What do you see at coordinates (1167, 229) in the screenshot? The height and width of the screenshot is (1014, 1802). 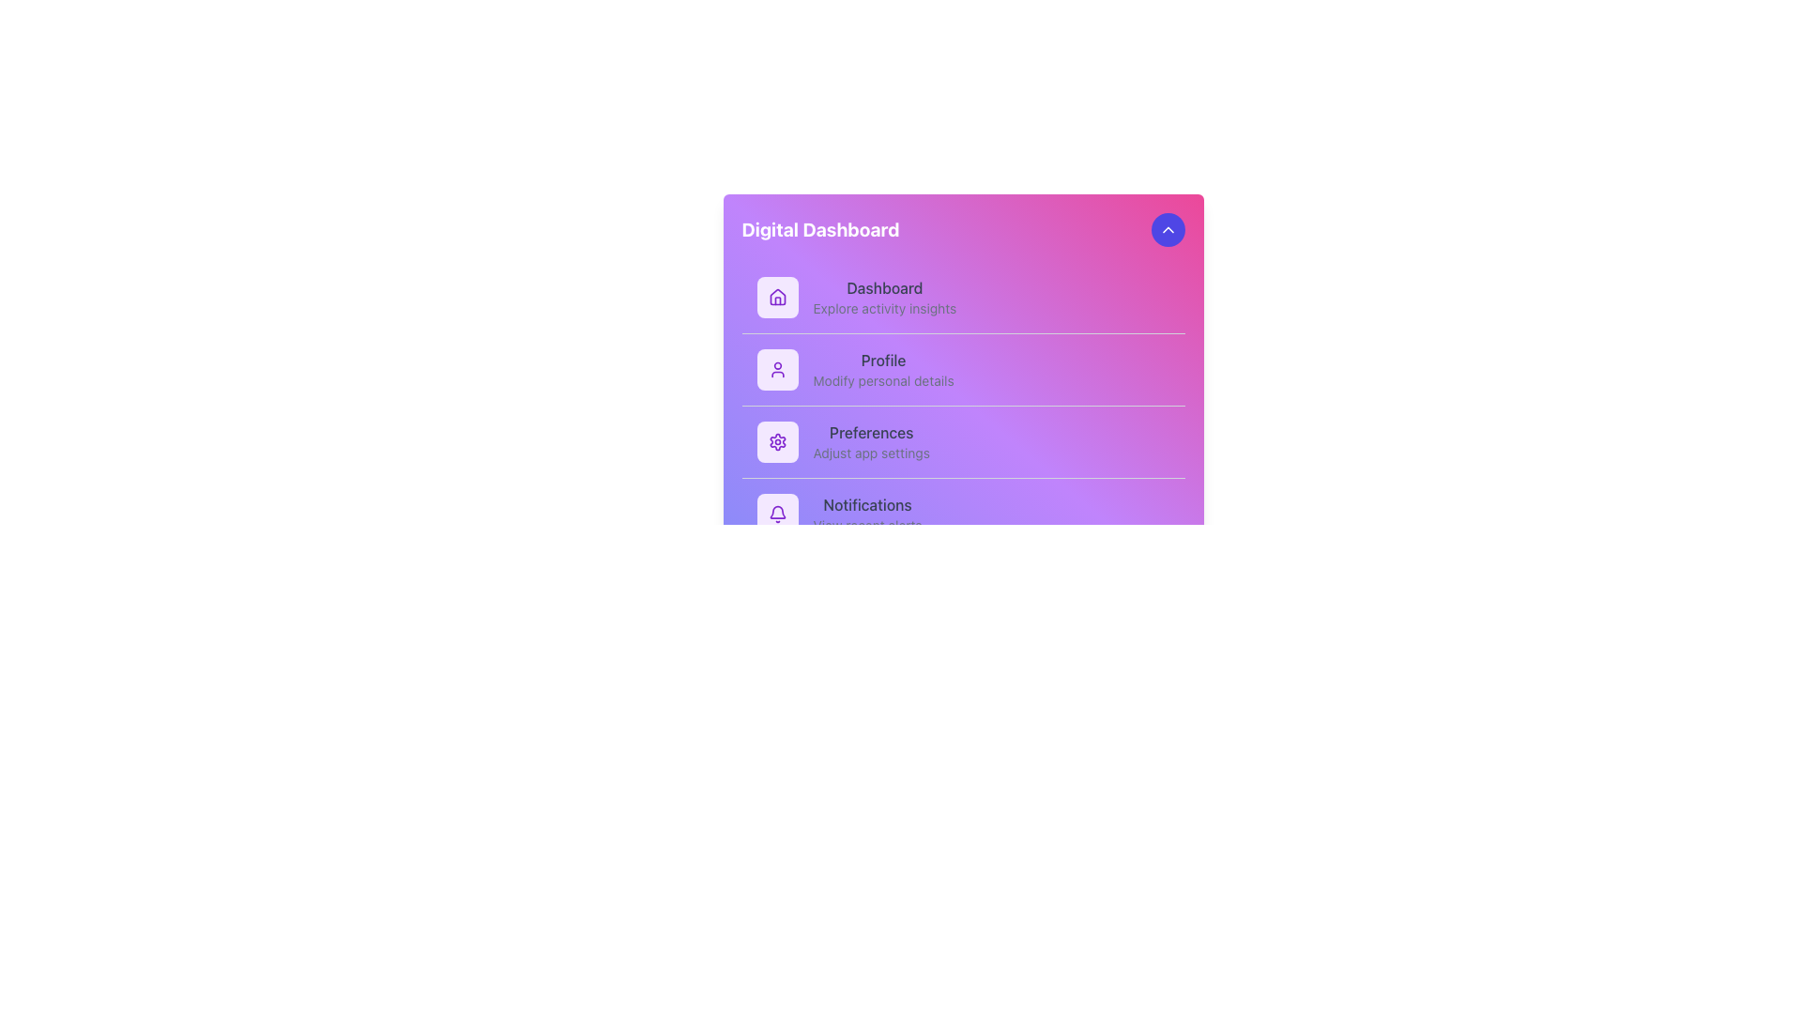 I see `the small circular button with a dark indigo background and an upward-pointing white chevron icon located in the top-right corner of the 'Digital Dashboard' section` at bounding box center [1167, 229].